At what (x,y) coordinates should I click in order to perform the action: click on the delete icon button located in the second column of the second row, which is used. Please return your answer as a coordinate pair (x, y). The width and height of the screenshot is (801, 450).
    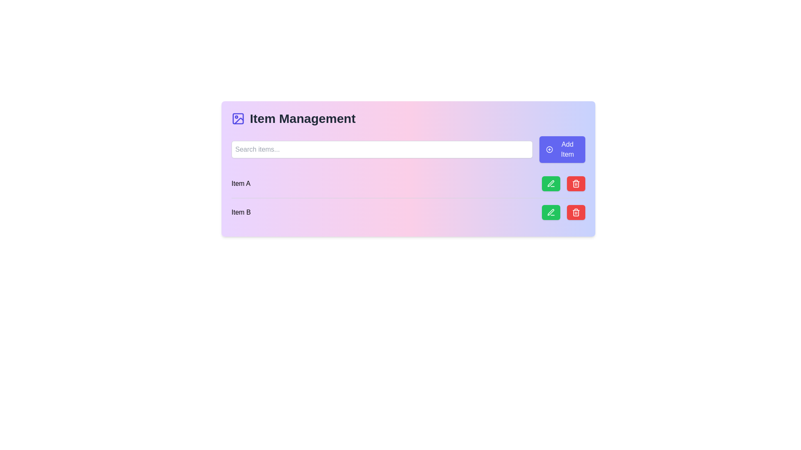
    Looking at the image, I should click on (576, 183).